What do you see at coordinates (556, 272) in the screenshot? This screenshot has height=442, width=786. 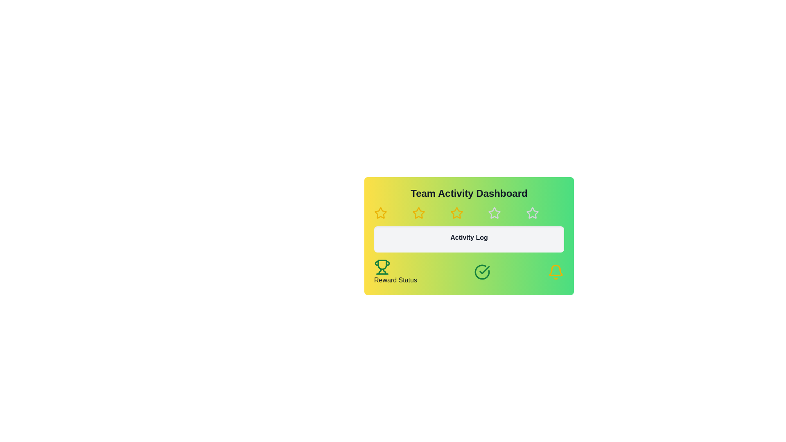 I see `the bell-shaped notification icon with a yellow outline located at the bottom-right corner of the 'Reward Status' section` at bounding box center [556, 272].